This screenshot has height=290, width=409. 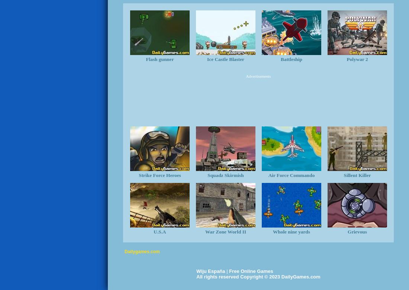 I want to click on 'Battleship', so click(x=280, y=59).